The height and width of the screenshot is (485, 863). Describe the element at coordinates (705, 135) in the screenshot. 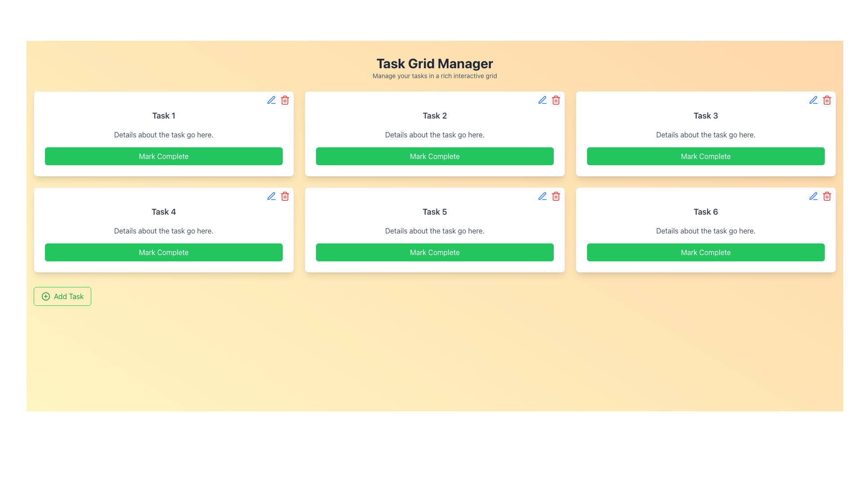

I see `the text component styled in light gray with centered alignment, containing the text 'Details about the task go here.'` at that location.